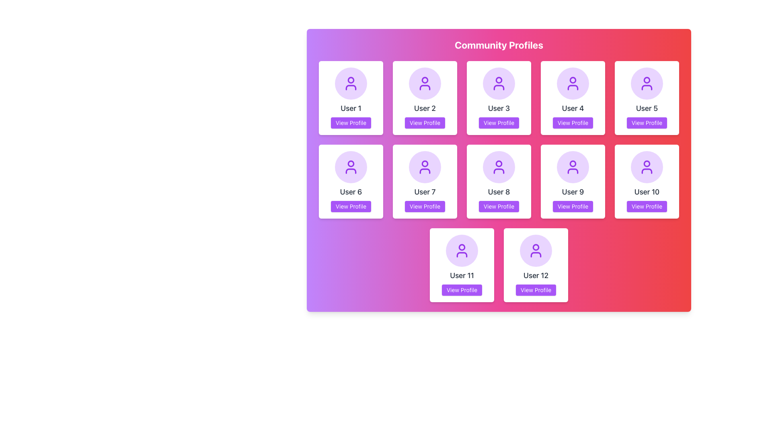 The width and height of the screenshot is (772, 434). What do you see at coordinates (351, 181) in the screenshot?
I see `the 'User 6' card located in the second row and first column of the user profile grid` at bounding box center [351, 181].